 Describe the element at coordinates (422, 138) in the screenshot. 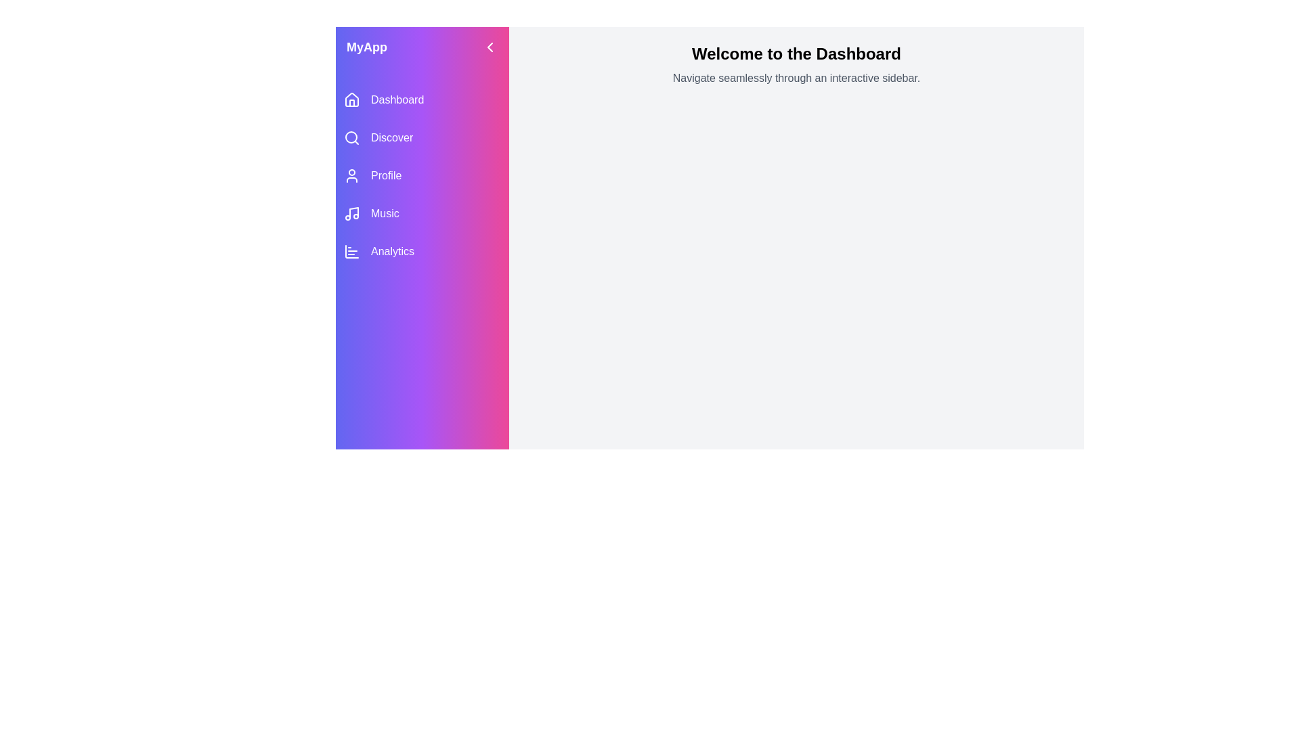

I see `the navigation item labeled Discover` at that location.